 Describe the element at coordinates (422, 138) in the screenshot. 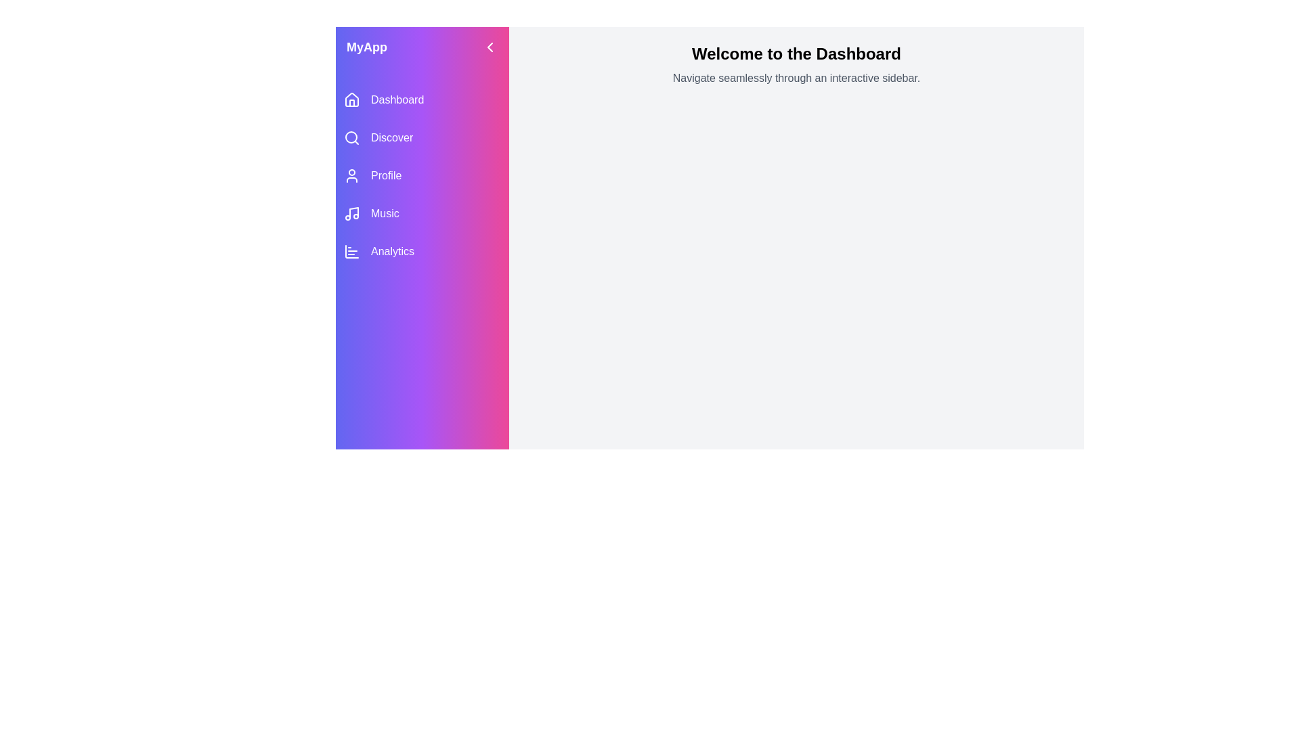

I see `the navigation item labeled Discover` at that location.